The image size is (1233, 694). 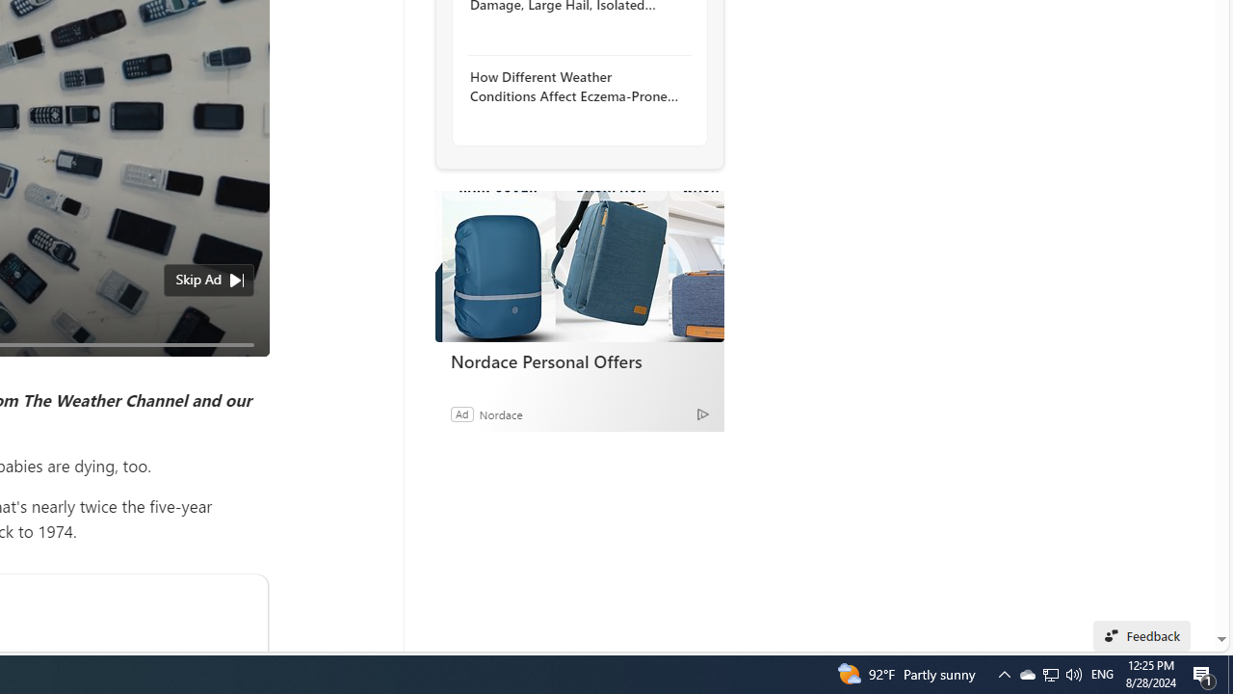 I want to click on 'Skip Ad', so click(x=198, y=280).